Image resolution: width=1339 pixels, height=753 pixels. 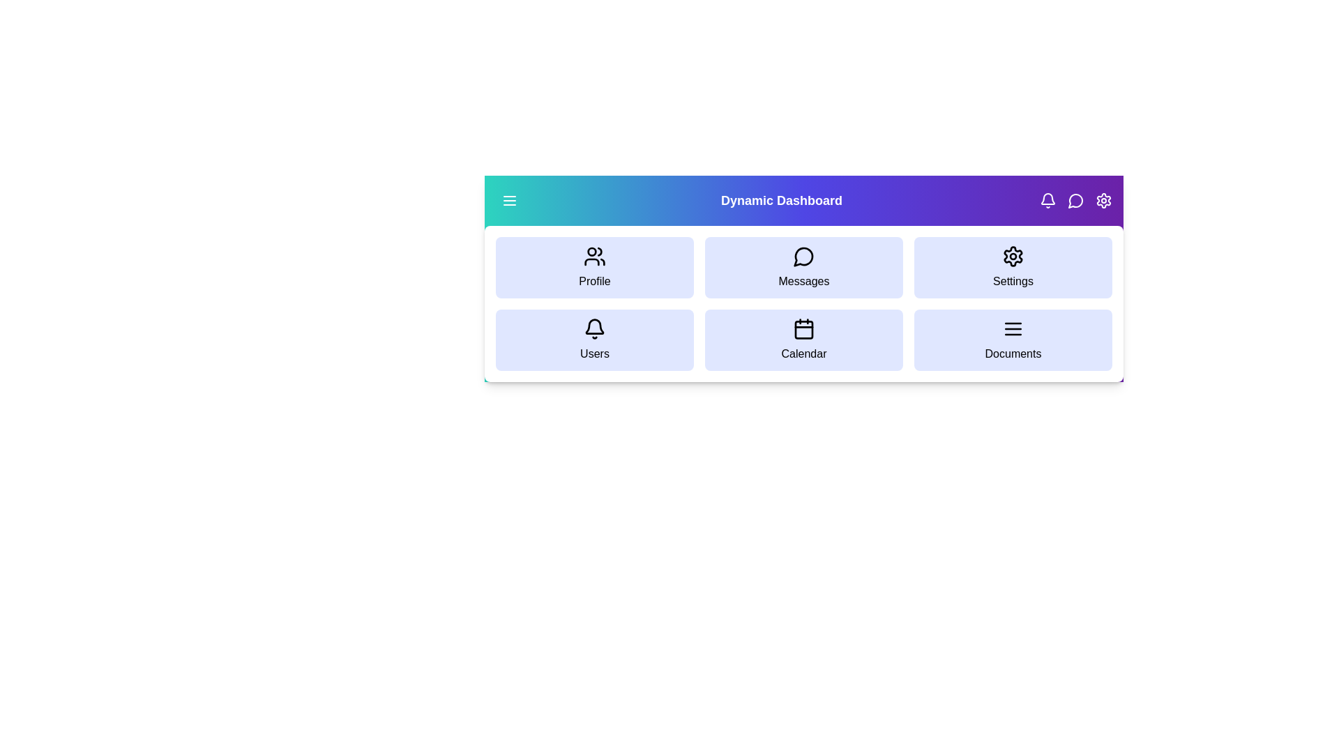 I want to click on the title text 'Dynamic Dashboard' to view and read it, so click(x=782, y=201).